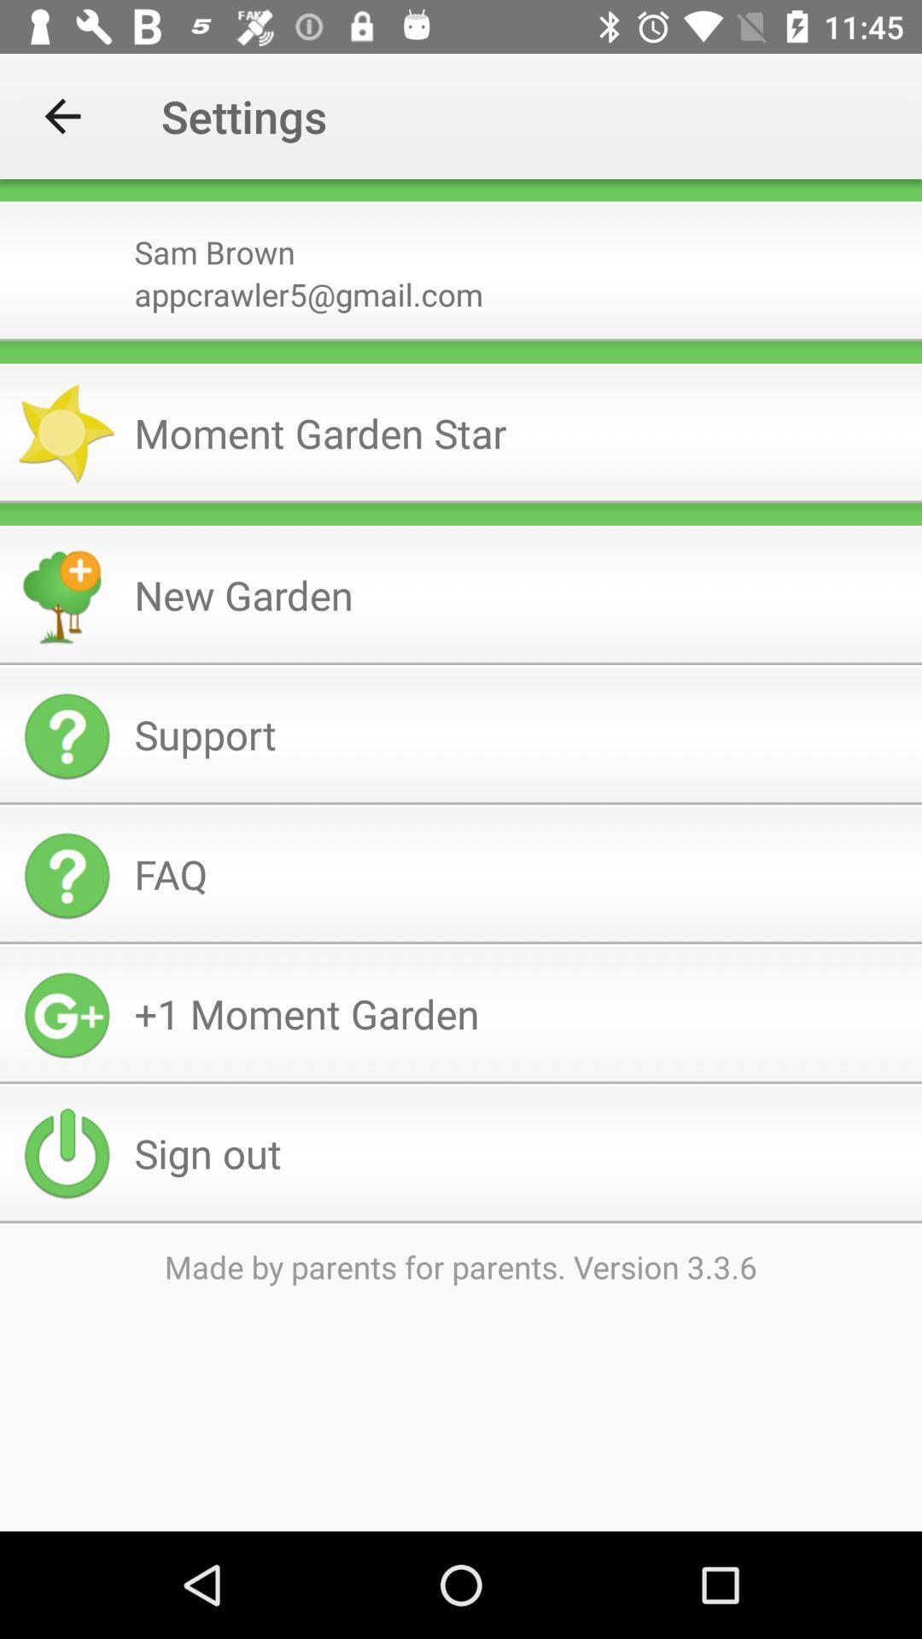  I want to click on item above appcrawler5@gmail.com, so click(520, 244).